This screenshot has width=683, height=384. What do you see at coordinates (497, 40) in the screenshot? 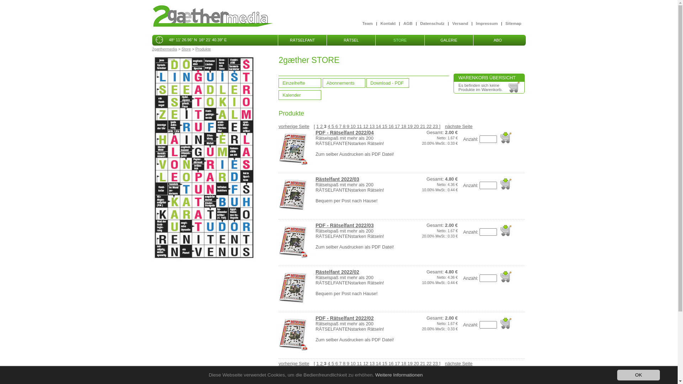
I see `'ABO'` at bounding box center [497, 40].